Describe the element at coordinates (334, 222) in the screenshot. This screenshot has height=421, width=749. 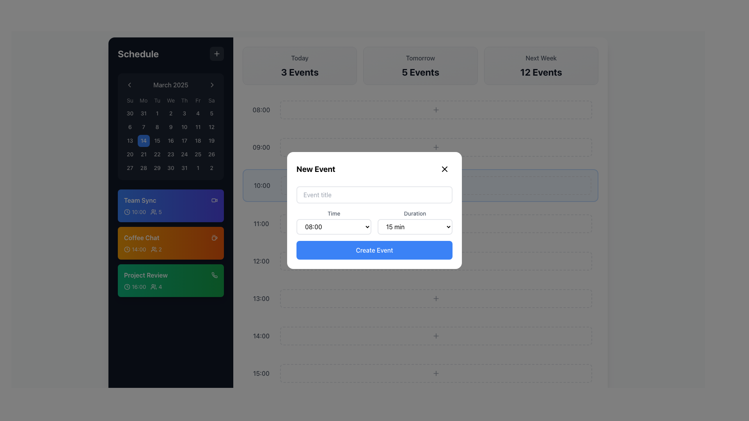
I see `a time option from the dropdown menu located under the 'New Event' dialog header, positioned on the left side of the layout` at that location.